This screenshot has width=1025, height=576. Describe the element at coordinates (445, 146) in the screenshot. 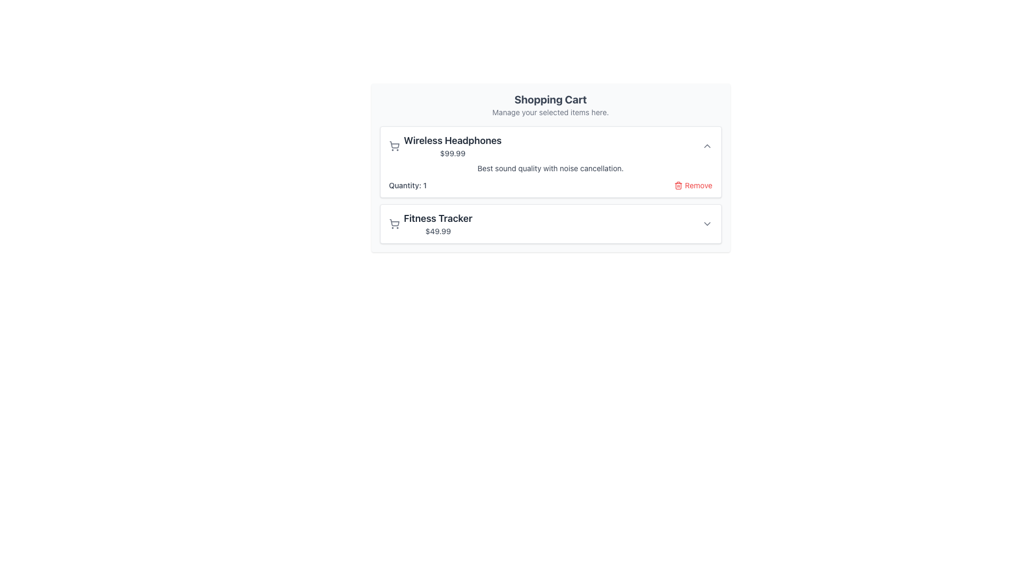

I see `the product name in the shopping cart informational block located at the top section above 'Fitness Tracker $49.99'` at that location.